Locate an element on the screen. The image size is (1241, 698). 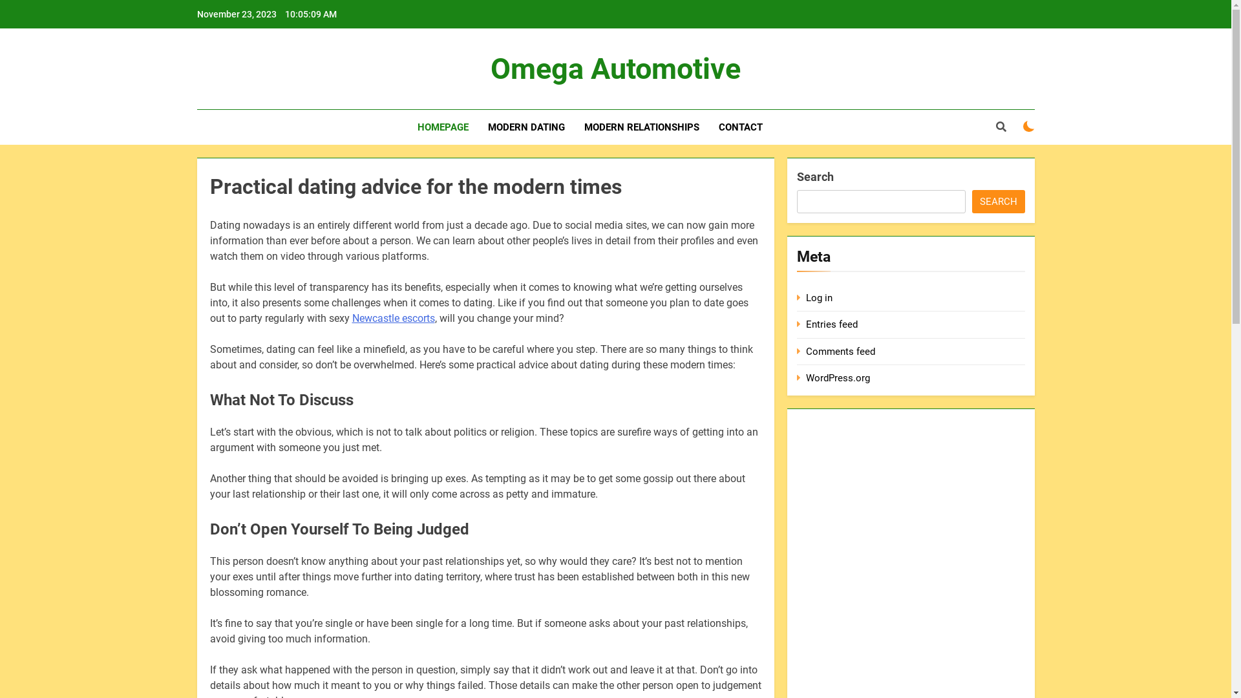
'CONTACT' is located at coordinates (741, 127).